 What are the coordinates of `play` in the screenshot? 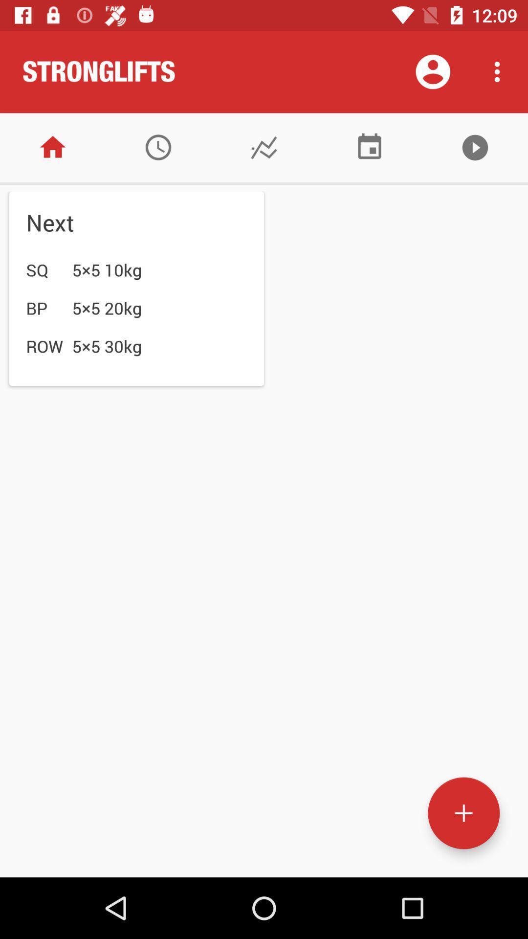 It's located at (475, 147).